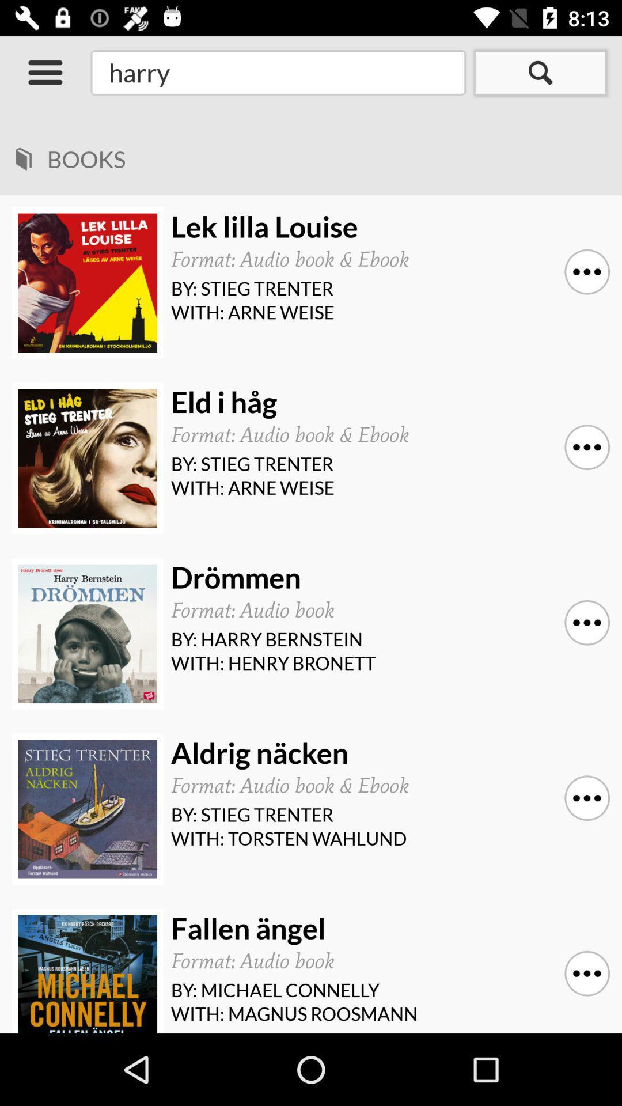 This screenshot has height=1106, width=622. Describe the element at coordinates (319, 155) in the screenshot. I see `books` at that location.